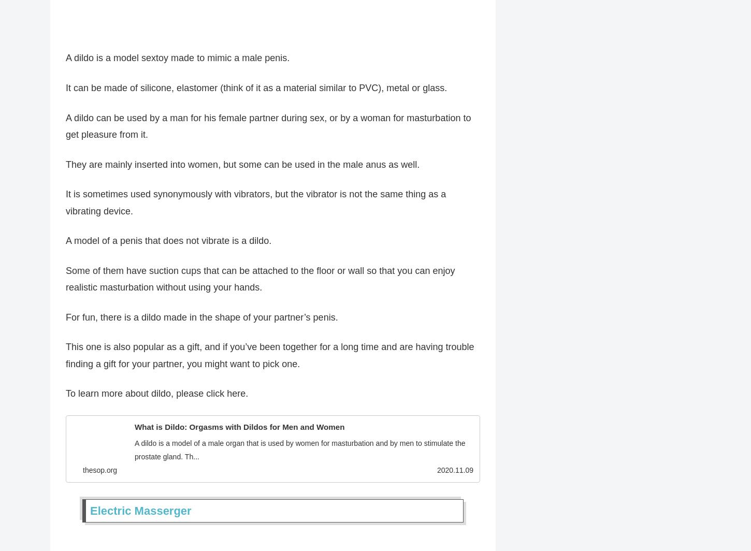 This screenshot has width=751, height=551. Describe the element at coordinates (201, 321) in the screenshot. I see `'For fun, there is a dildo made in the shape of your partner’s penis.'` at that location.